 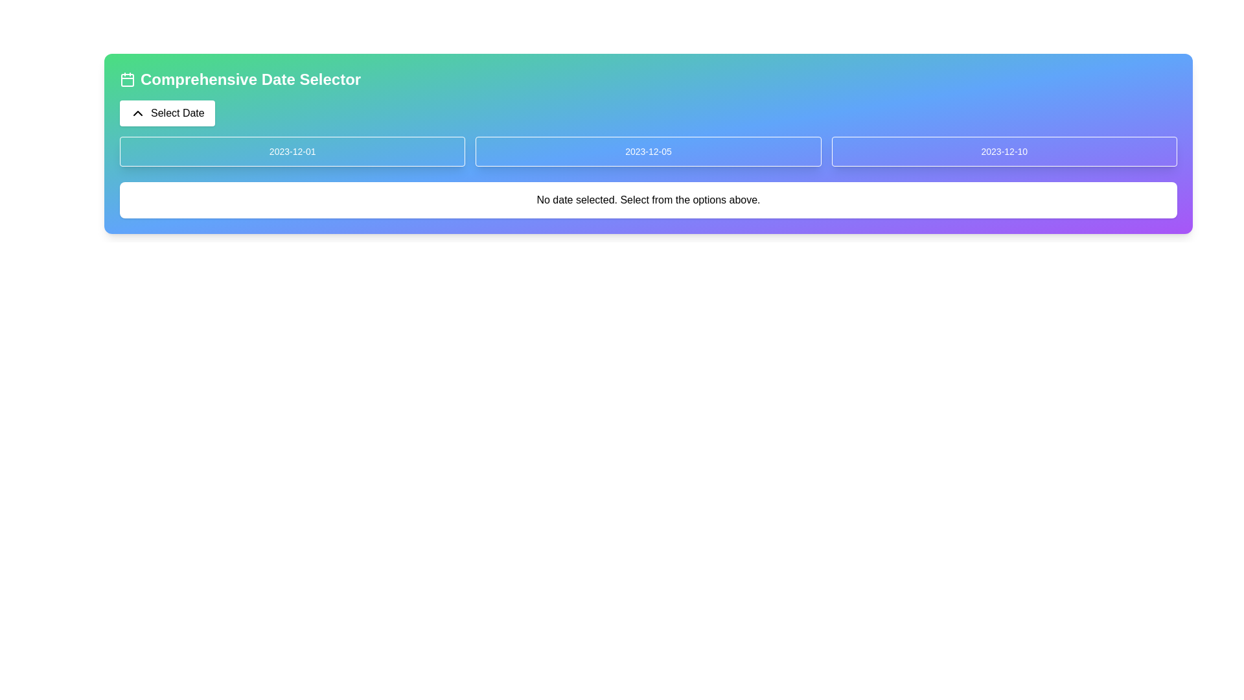 What do you see at coordinates (649, 151) in the screenshot?
I see `the button labeled '2023-12-05'` at bounding box center [649, 151].